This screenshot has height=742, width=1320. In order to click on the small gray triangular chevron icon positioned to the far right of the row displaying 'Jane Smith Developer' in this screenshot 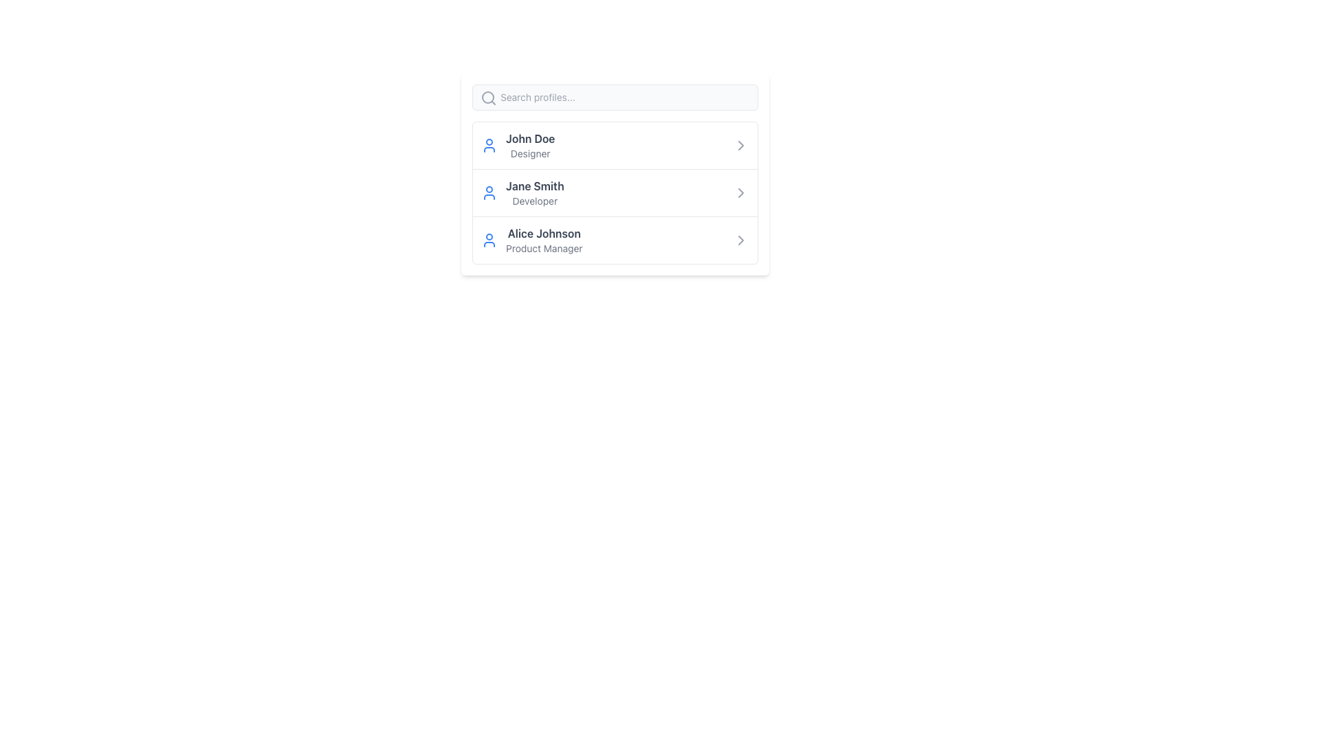, I will do `click(740, 193)`.